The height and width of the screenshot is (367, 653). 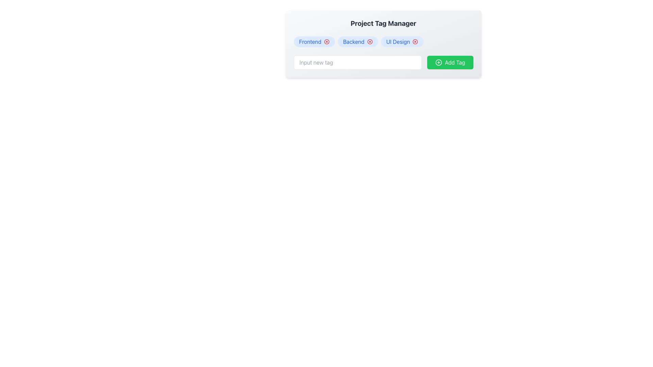 I want to click on the delete icon button for the 'Backend' tag in the Project Tag Manager interface for keyboard accessibility, so click(x=369, y=42).